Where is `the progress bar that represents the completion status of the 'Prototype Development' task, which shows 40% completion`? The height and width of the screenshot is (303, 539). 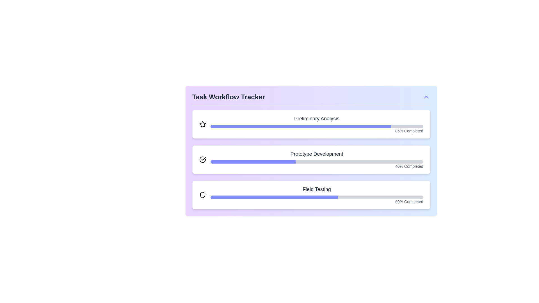
the progress bar that represents the completion status of the 'Prototype Development' task, which shows 40% completion is located at coordinates (317, 162).